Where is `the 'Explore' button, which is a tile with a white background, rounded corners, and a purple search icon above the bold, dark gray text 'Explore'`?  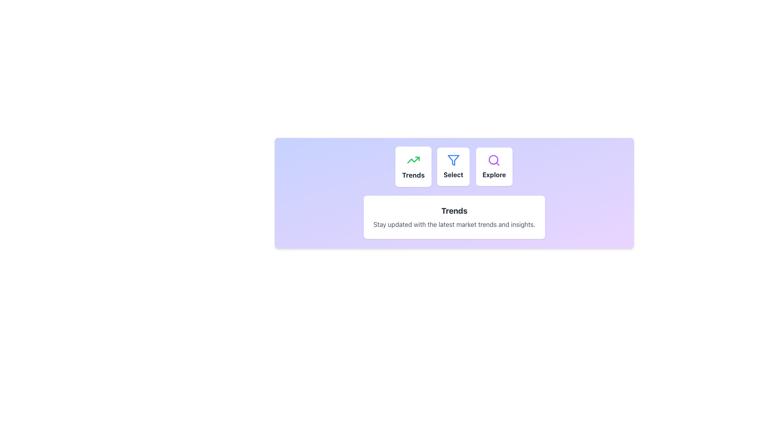 the 'Explore' button, which is a tile with a white background, rounded corners, and a purple search icon above the bold, dark gray text 'Explore' is located at coordinates (494, 166).